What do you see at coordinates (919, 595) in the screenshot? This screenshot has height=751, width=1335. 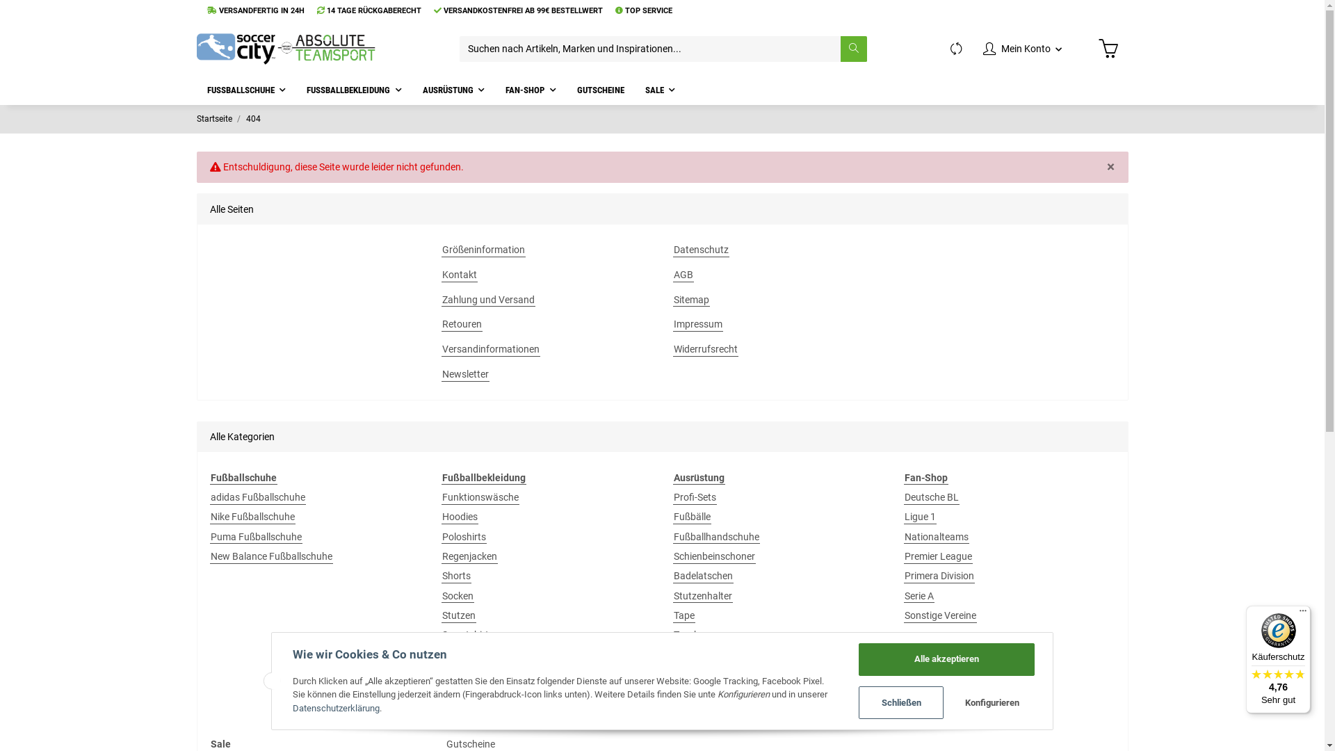 I see `'Serie A'` at bounding box center [919, 595].